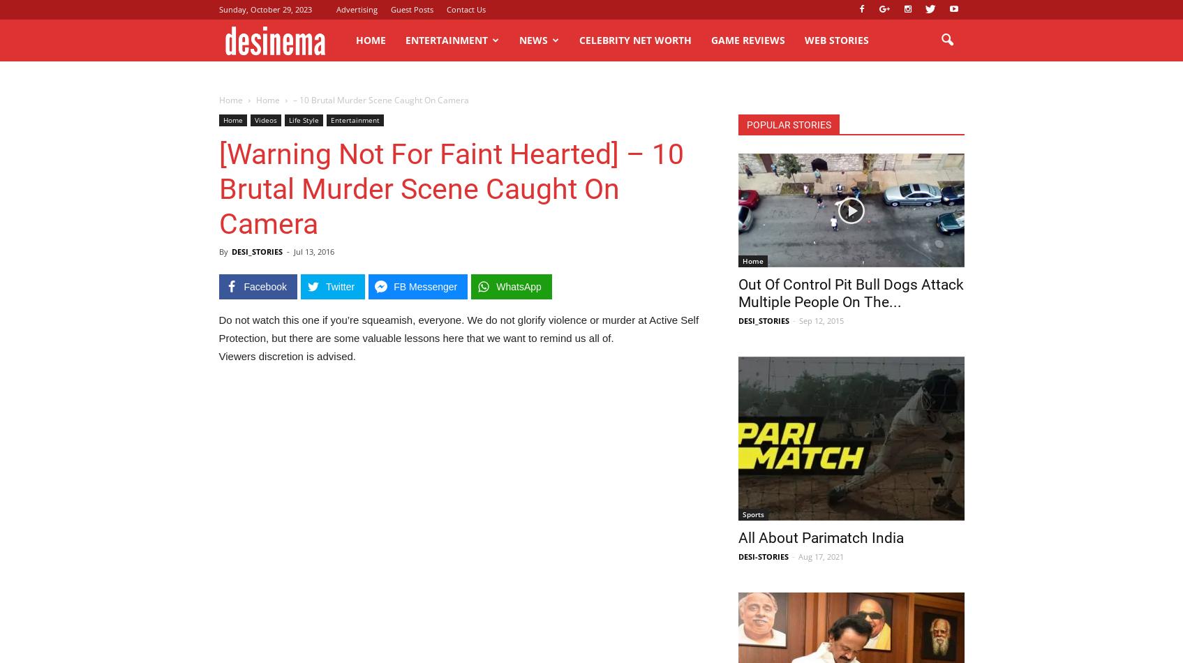 The image size is (1183, 663). Describe the element at coordinates (797, 320) in the screenshot. I see `'Sep 12, 2015'` at that location.